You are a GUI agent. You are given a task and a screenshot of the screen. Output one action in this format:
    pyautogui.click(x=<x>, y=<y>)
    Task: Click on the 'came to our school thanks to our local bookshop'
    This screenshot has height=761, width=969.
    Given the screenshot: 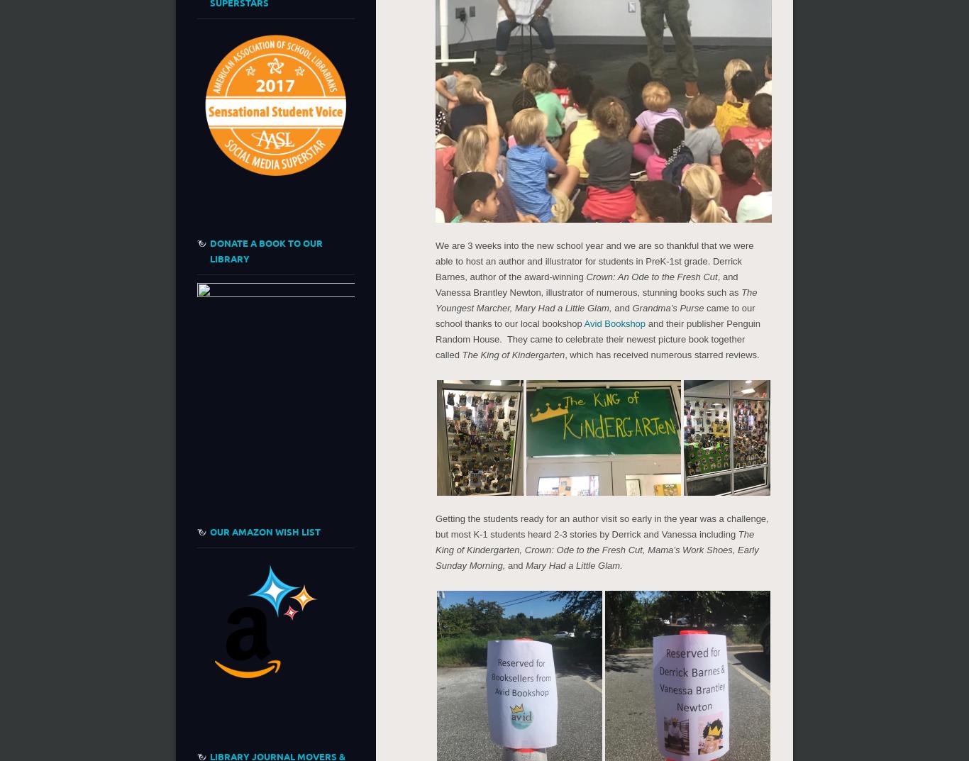 What is the action you would take?
    pyautogui.click(x=594, y=315)
    